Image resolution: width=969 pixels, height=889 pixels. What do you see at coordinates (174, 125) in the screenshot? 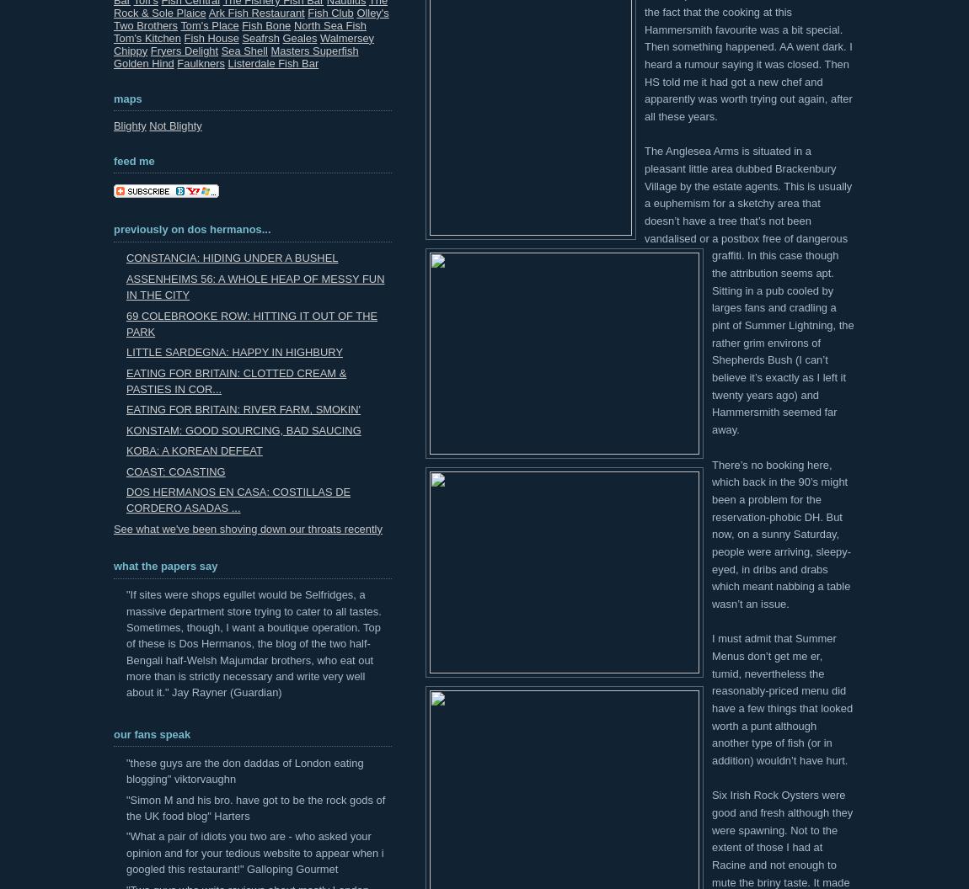
I see `'Not Blighty'` at bounding box center [174, 125].